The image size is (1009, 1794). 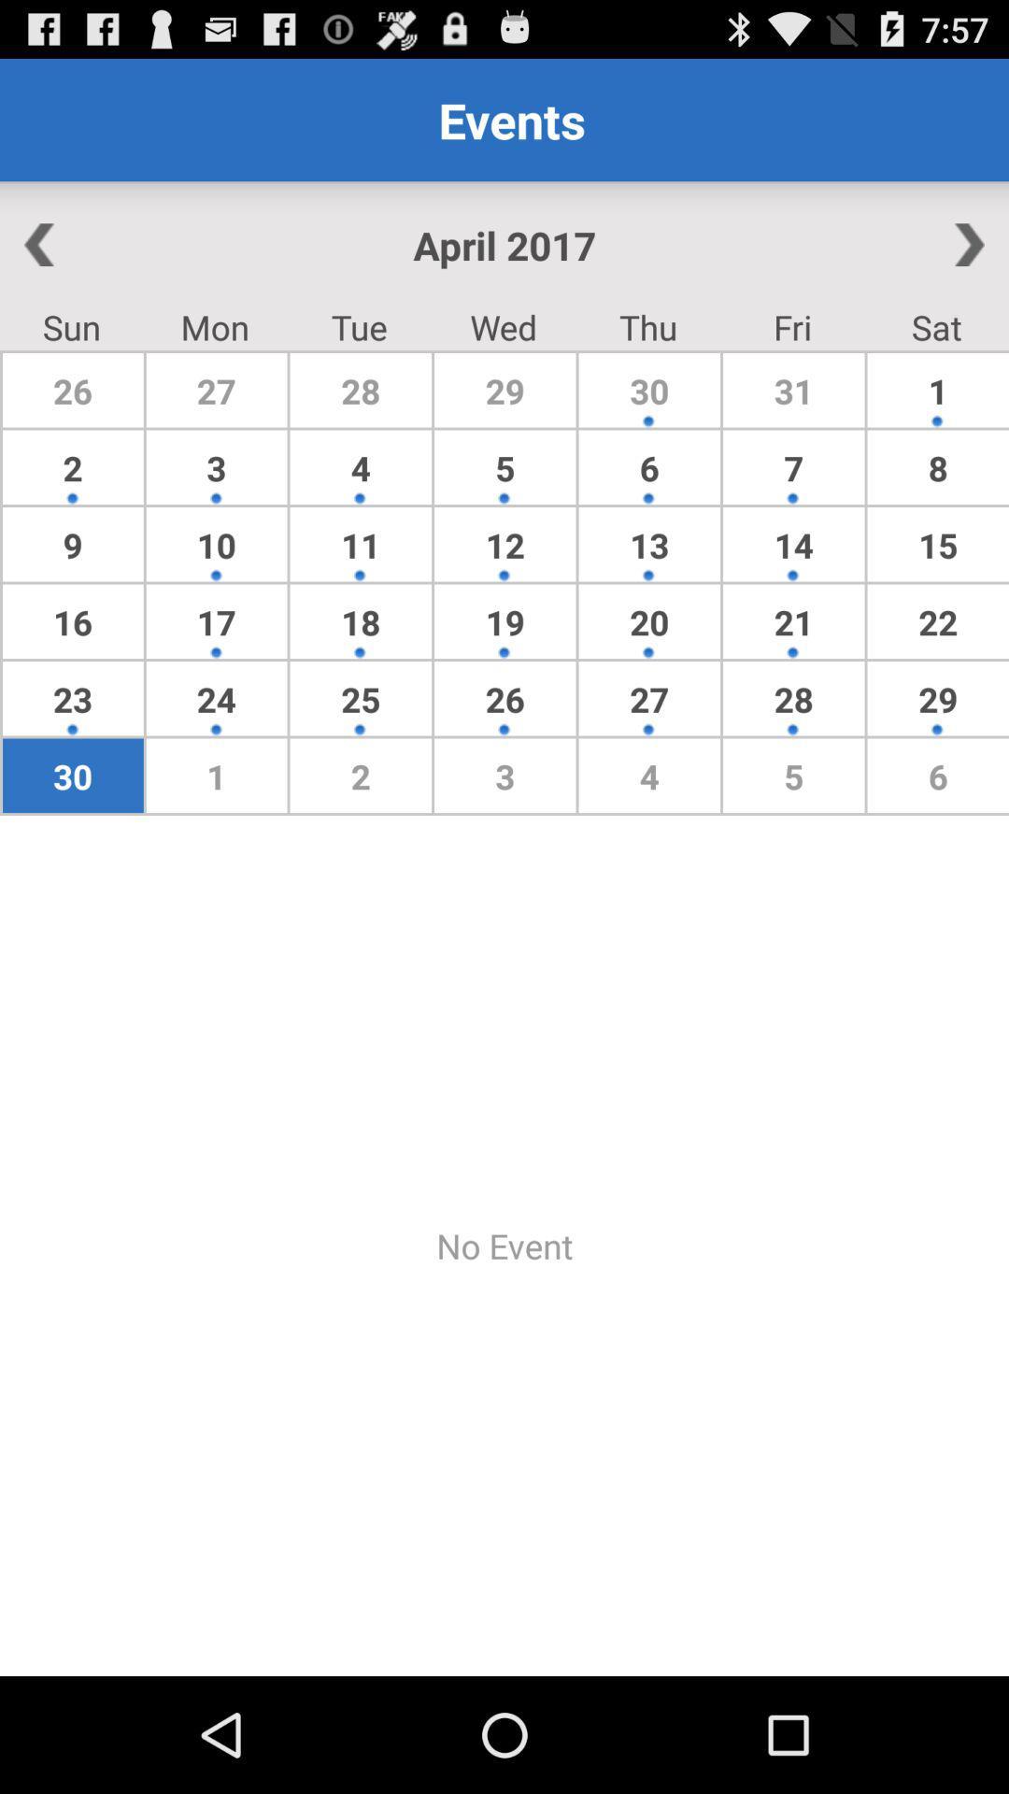 What do you see at coordinates (904, 244) in the screenshot?
I see `the icon next to april 2017 icon` at bounding box center [904, 244].